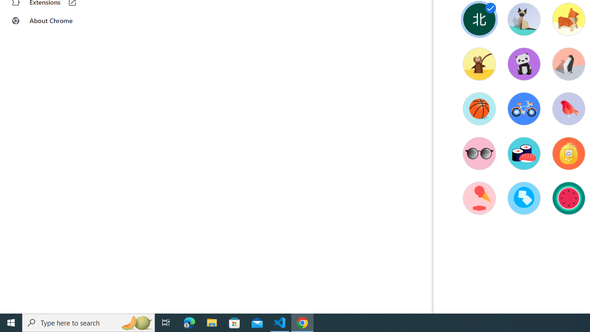 The width and height of the screenshot is (590, 332). I want to click on 'Google Chrome - 1 running window', so click(302, 322).